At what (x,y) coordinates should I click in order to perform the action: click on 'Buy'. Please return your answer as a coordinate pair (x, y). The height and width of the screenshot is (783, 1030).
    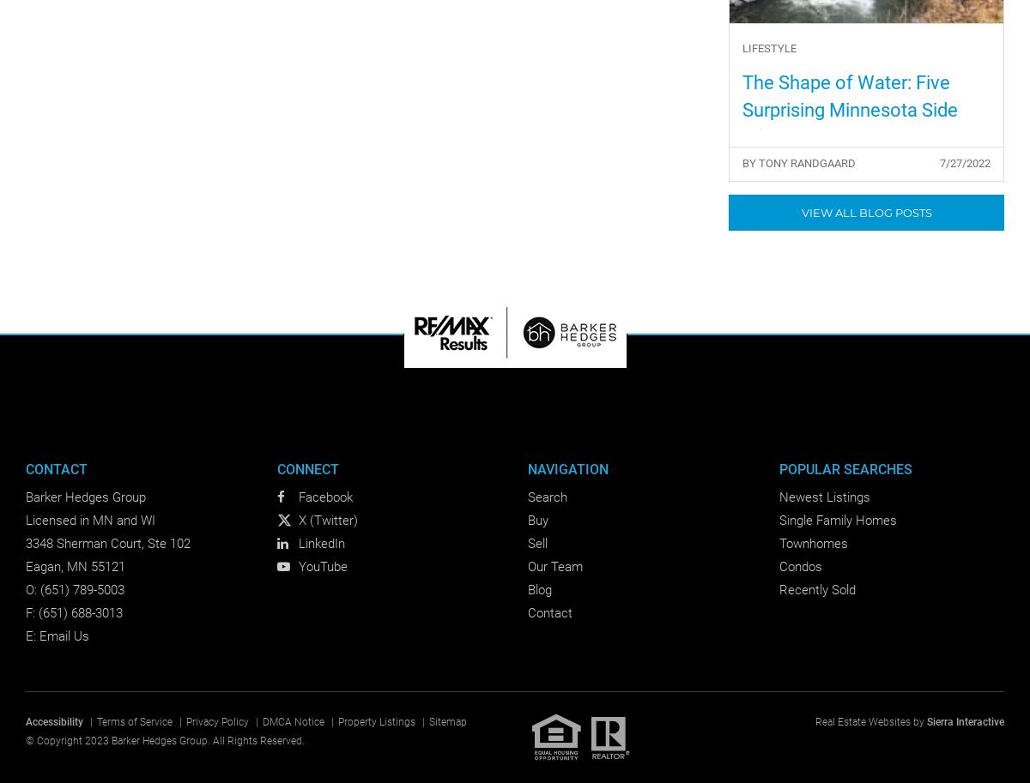
    Looking at the image, I should click on (538, 520).